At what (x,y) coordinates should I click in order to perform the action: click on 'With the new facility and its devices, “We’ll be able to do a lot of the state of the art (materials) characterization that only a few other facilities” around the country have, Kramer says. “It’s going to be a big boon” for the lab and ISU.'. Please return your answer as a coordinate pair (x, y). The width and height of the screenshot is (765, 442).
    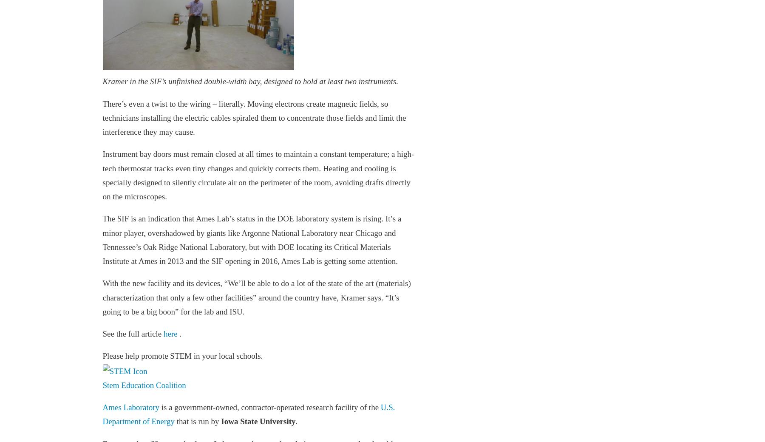
    Looking at the image, I should click on (102, 297).